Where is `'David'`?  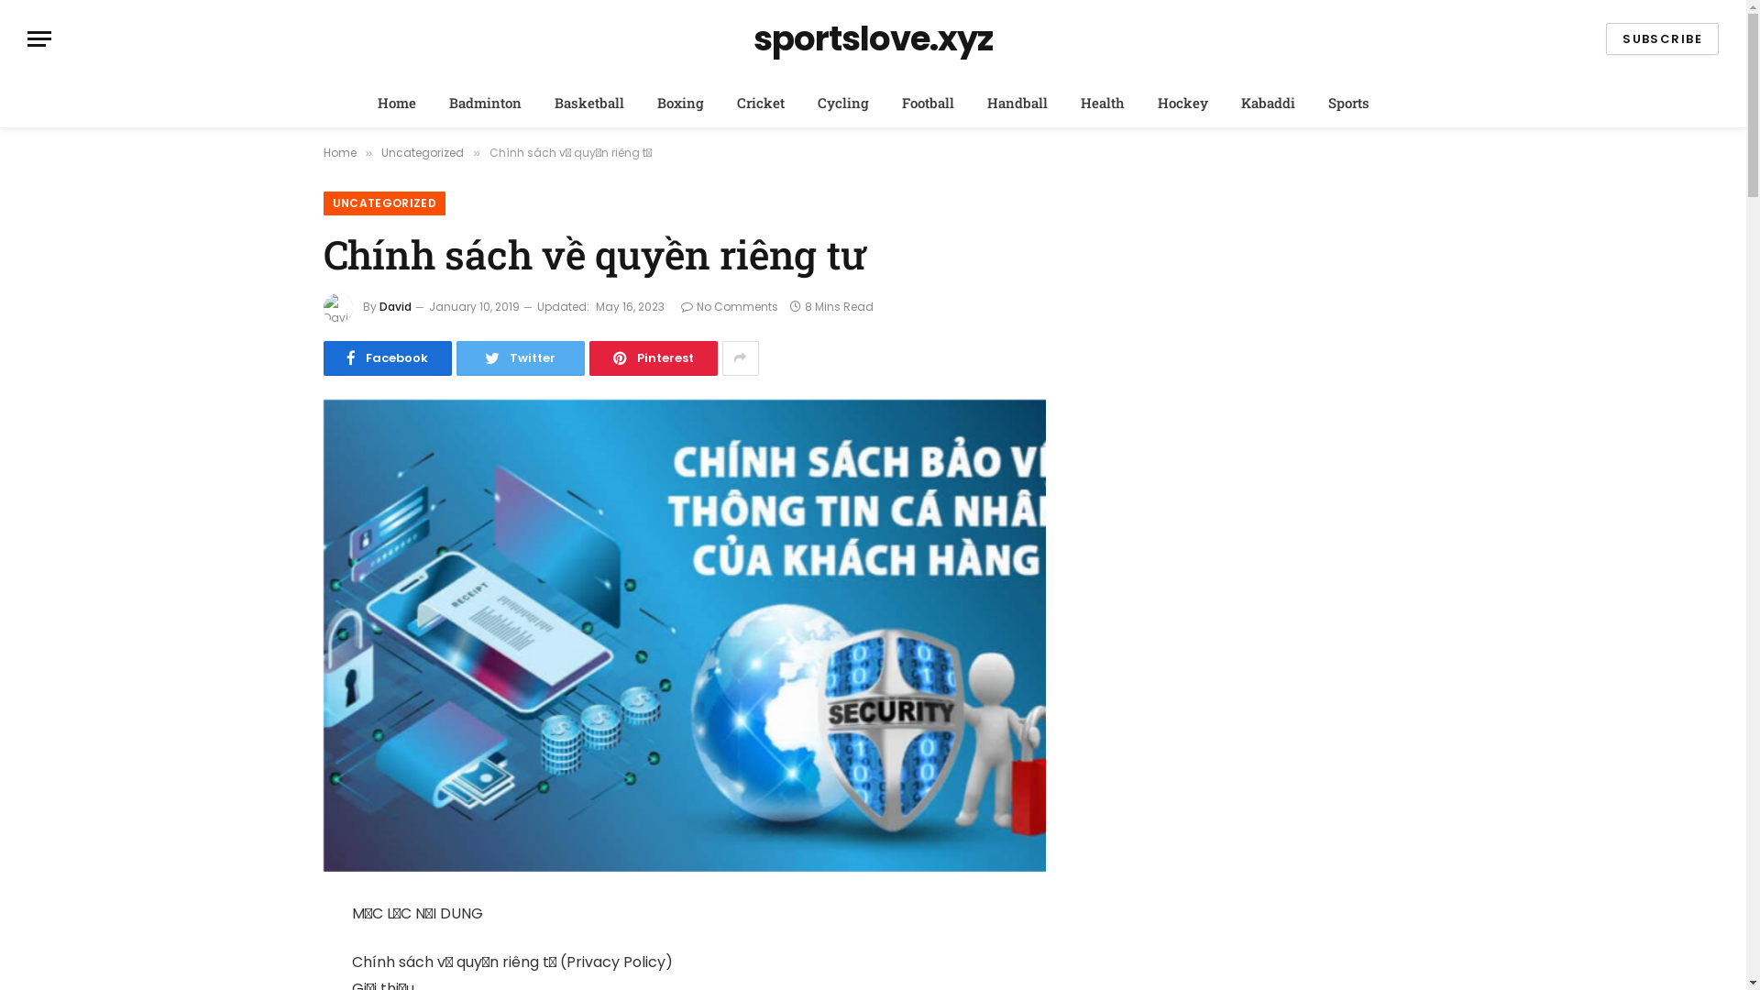 'David' is located at coordinates (394, 305).